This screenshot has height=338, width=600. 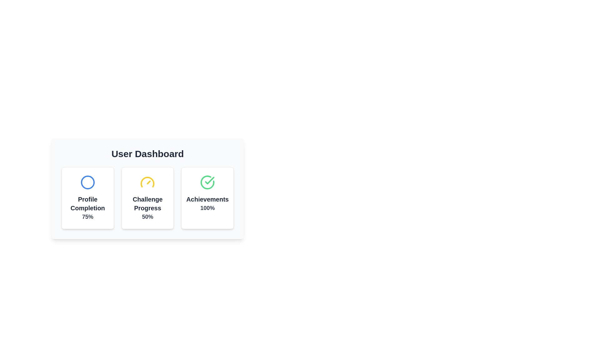 I want to click on the text label that denotes the header for the progress metric in the second card from the left in the 'User Dashboard', which is positioned centrally below the yellow gauge icon and above the text '50%, so click(x=147, y=204).